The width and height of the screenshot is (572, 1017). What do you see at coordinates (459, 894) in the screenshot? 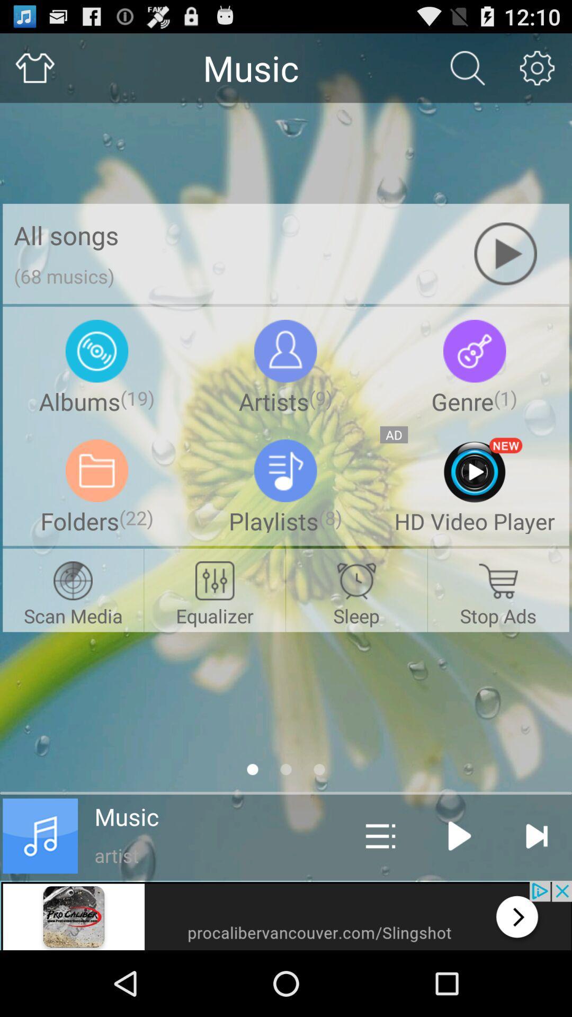
I see `the play icon` at bounding box center [459, 894].